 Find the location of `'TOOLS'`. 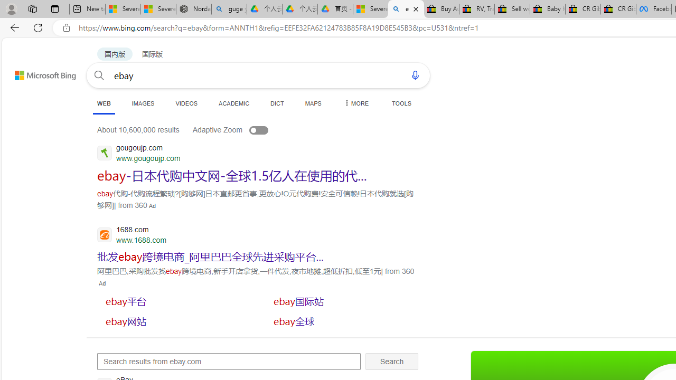

'TOOLS' is located at coordinates (401, 103).